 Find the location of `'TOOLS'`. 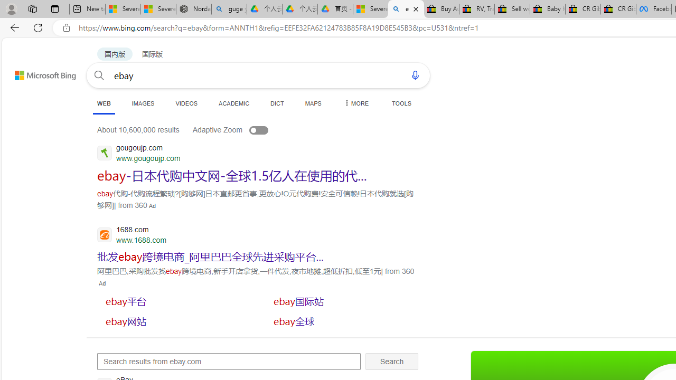

'TOOLS' is located at coordinates (401, 103).